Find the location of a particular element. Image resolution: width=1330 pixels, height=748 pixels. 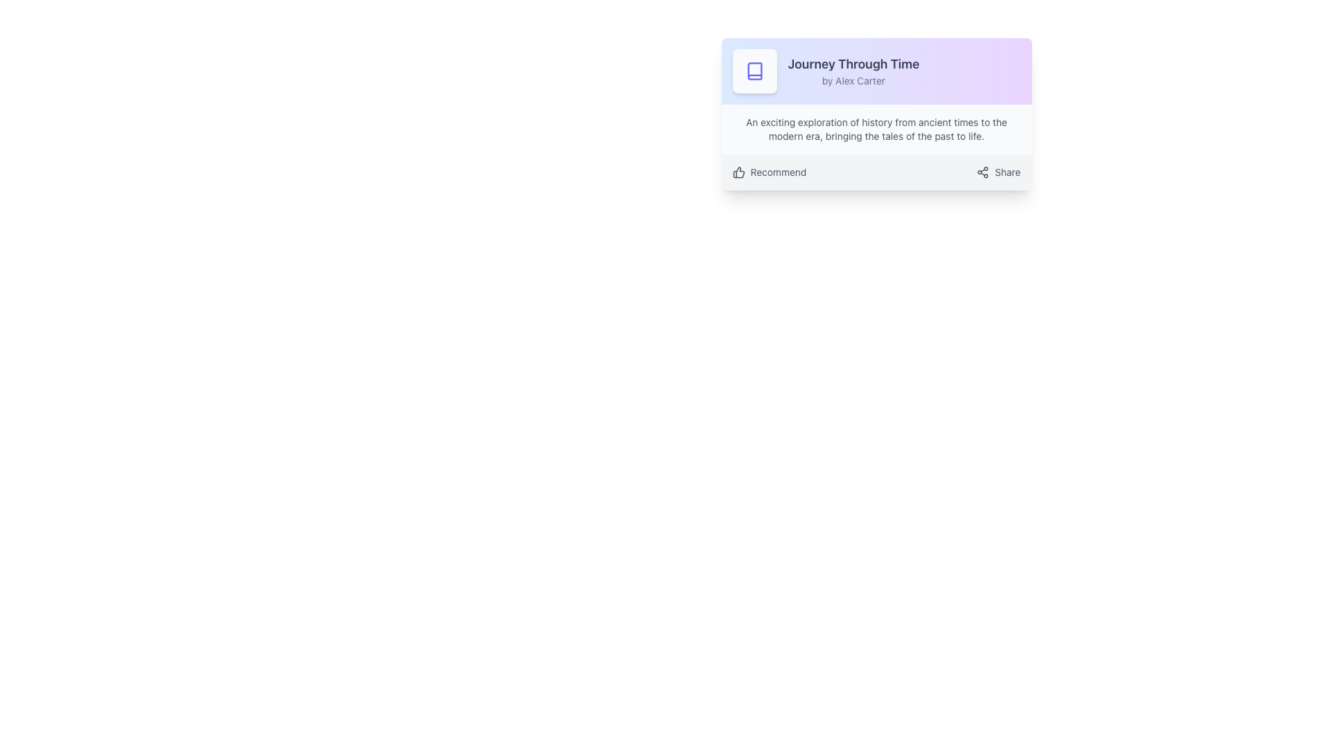

the 'Recommend' text label that indicates the share functionality, located at the bottom right corner of the card-like UI component is located at coordinates (1007, 172).